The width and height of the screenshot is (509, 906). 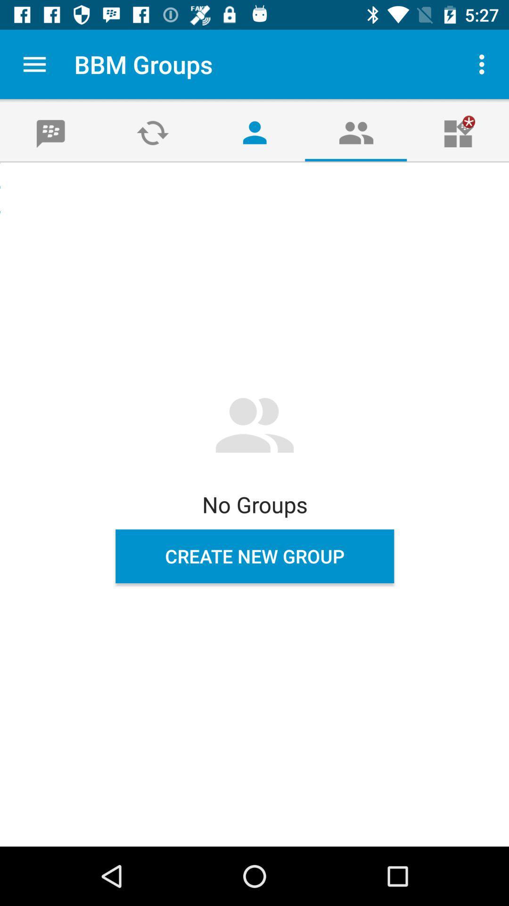 I want to click on group icon, so click(x=356, y=132).